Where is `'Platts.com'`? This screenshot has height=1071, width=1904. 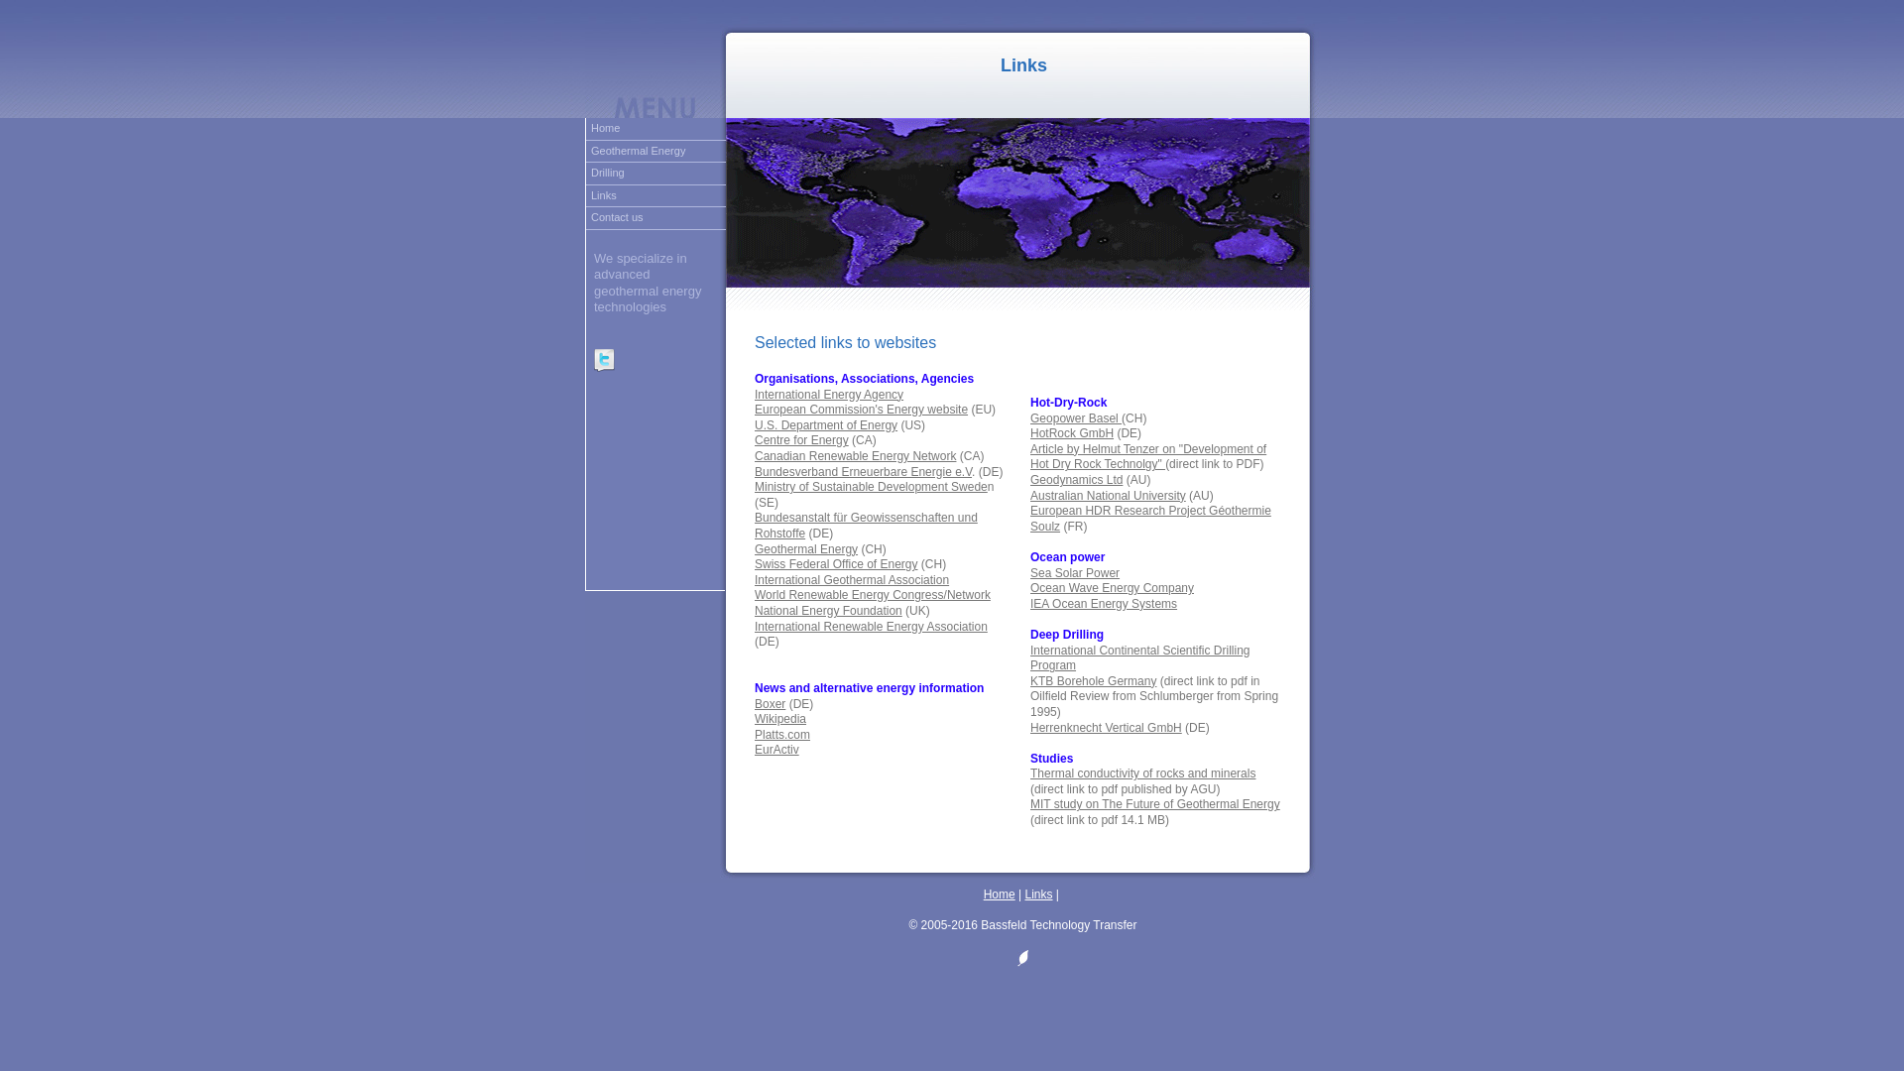
'Platts.com' is located at coordinates (780, 734).